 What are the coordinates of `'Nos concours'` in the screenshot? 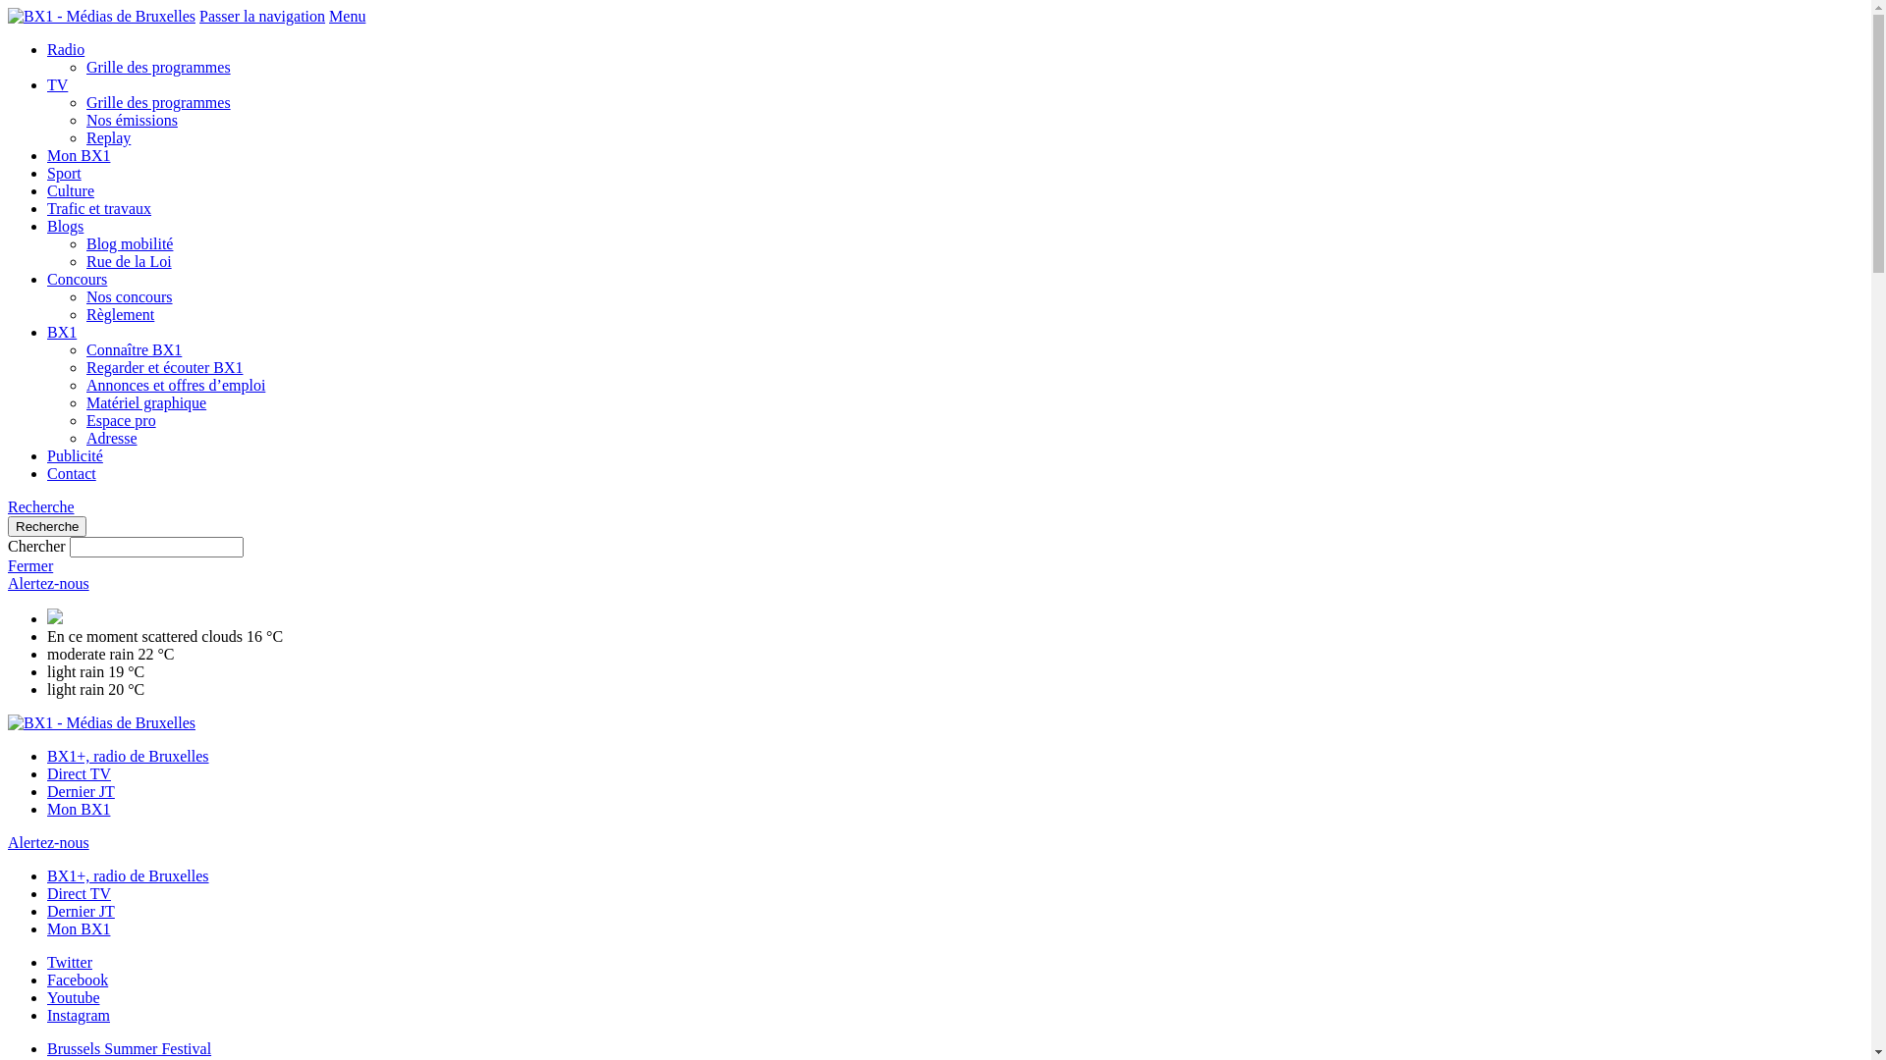 It's located at (84, 296).